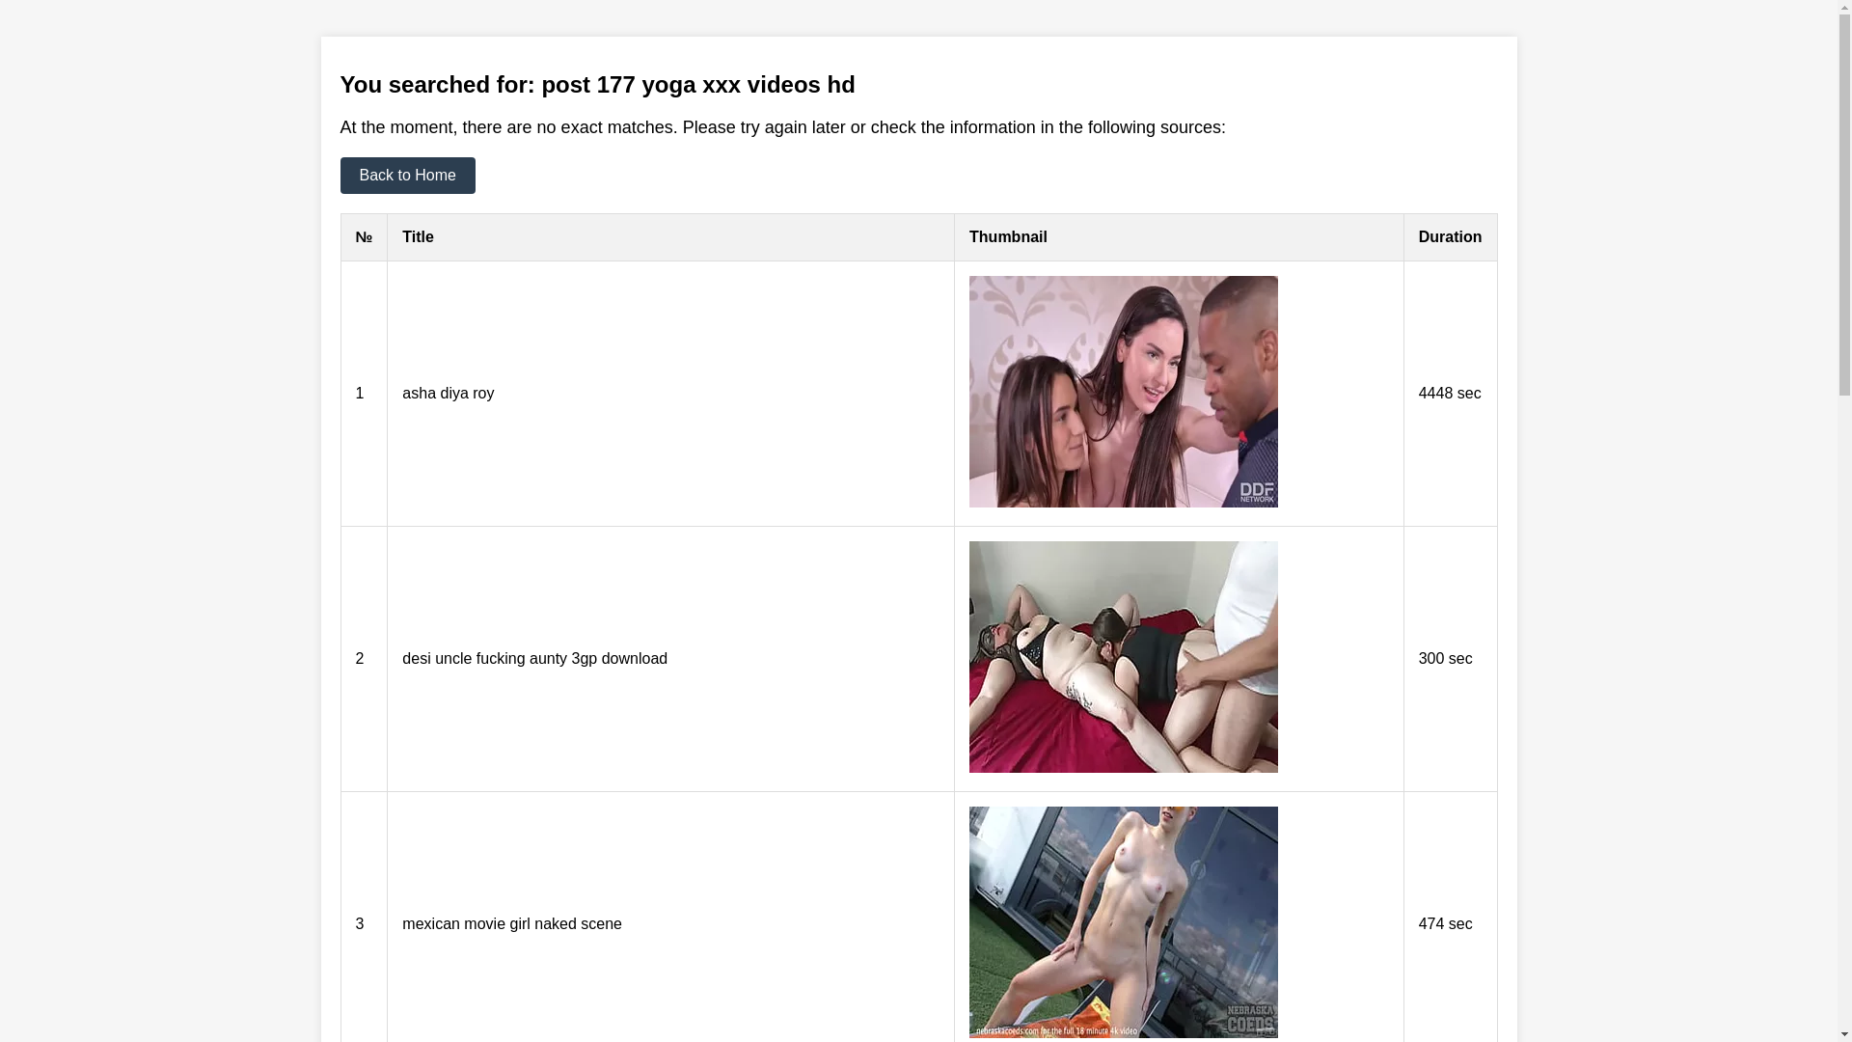 The height and width of the screenshot is (1042, 1852). I want to click on 'Back to Home', so click(339, 175).